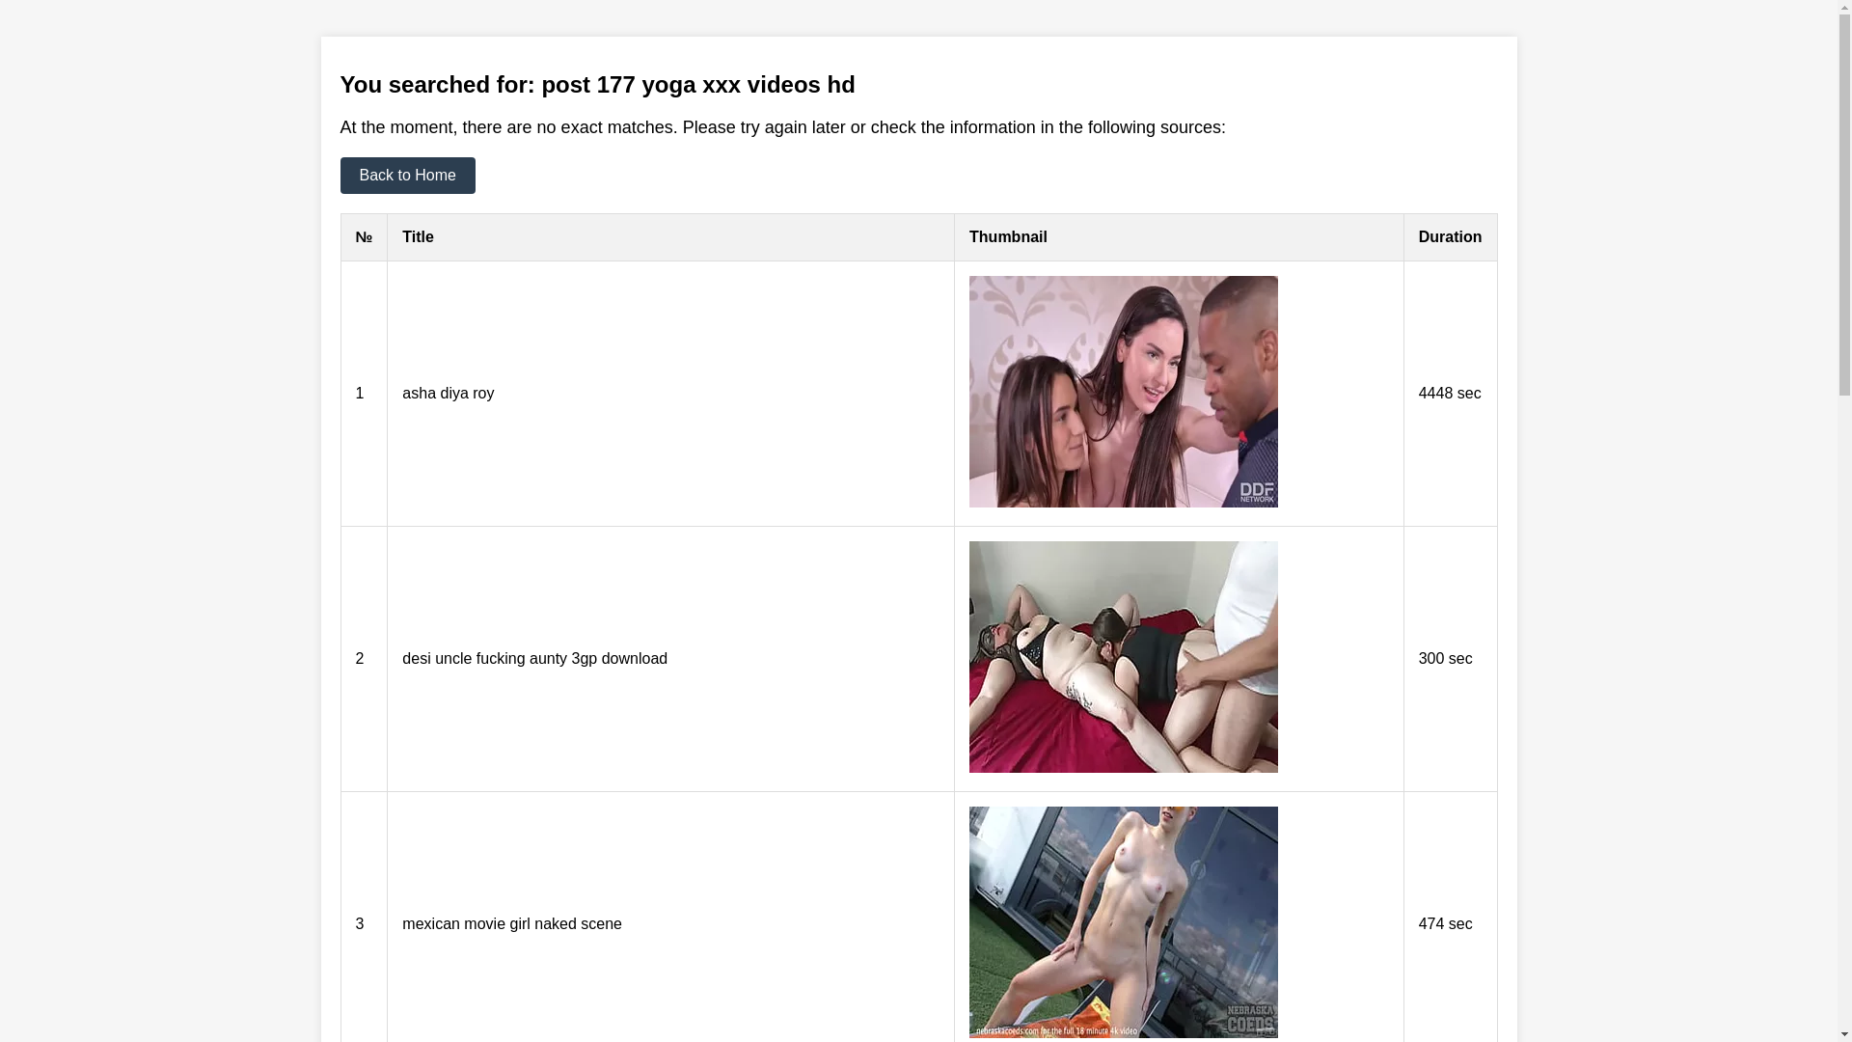 The height and width of the screenshot is (1042, 1852). I want to click on 'Back to Home', so click(339, 175).